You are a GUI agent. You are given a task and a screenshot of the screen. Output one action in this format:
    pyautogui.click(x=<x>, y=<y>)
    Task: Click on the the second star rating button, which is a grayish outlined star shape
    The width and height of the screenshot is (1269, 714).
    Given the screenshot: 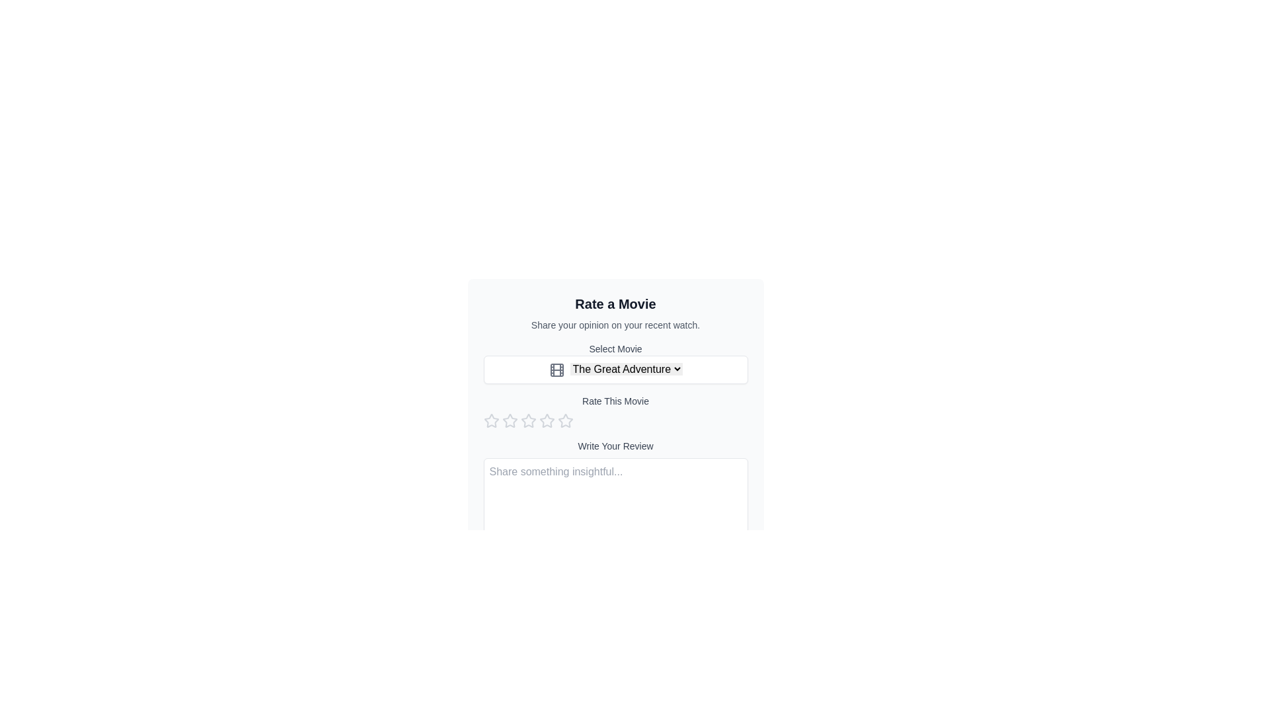 What is the action you would take?
    pyautogui.click(x=527, y=420)
    